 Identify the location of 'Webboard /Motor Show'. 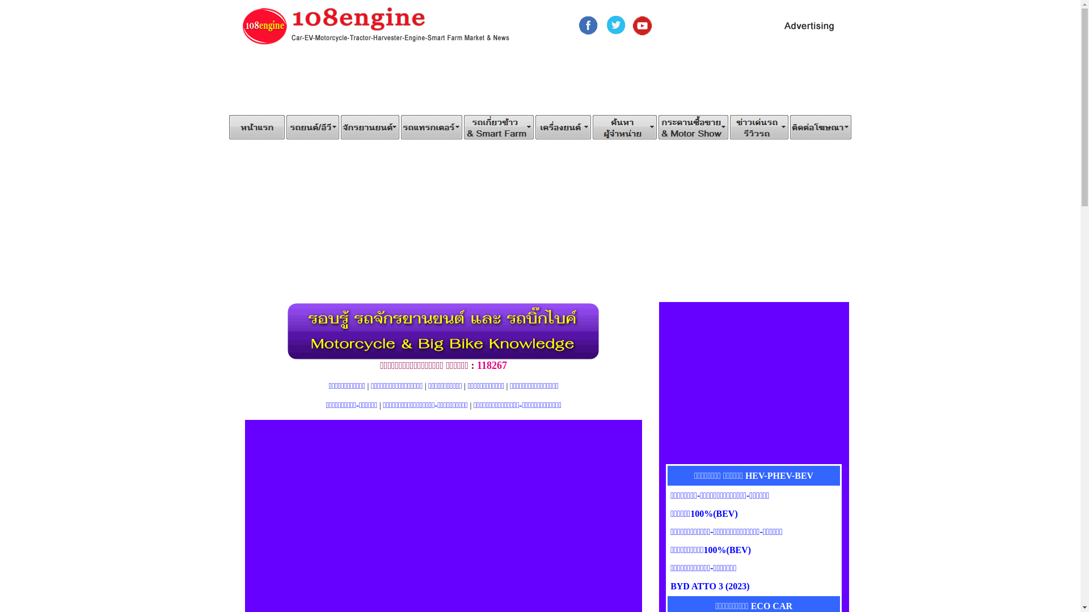
(693, 127).